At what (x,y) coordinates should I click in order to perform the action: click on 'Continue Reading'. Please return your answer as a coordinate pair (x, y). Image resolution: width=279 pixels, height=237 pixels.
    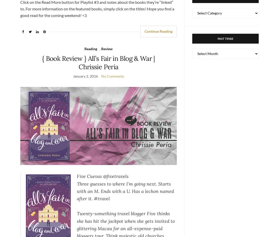
    Looking at the image, I should click on (158, 31).